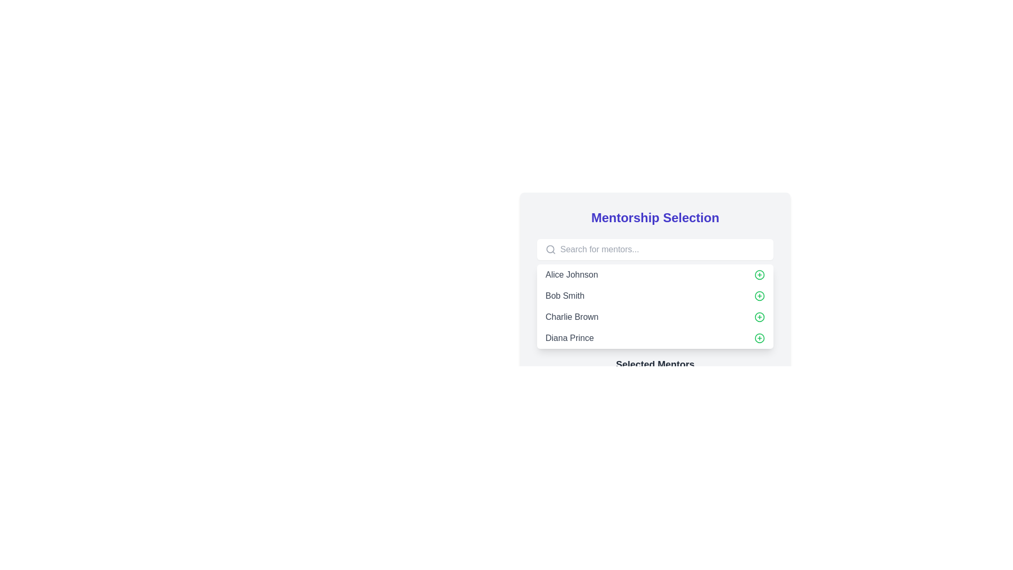 The image size is (1013, 570). Describe the element at coordinates (760, 338) in the screenshot. I see `the button` at that location.